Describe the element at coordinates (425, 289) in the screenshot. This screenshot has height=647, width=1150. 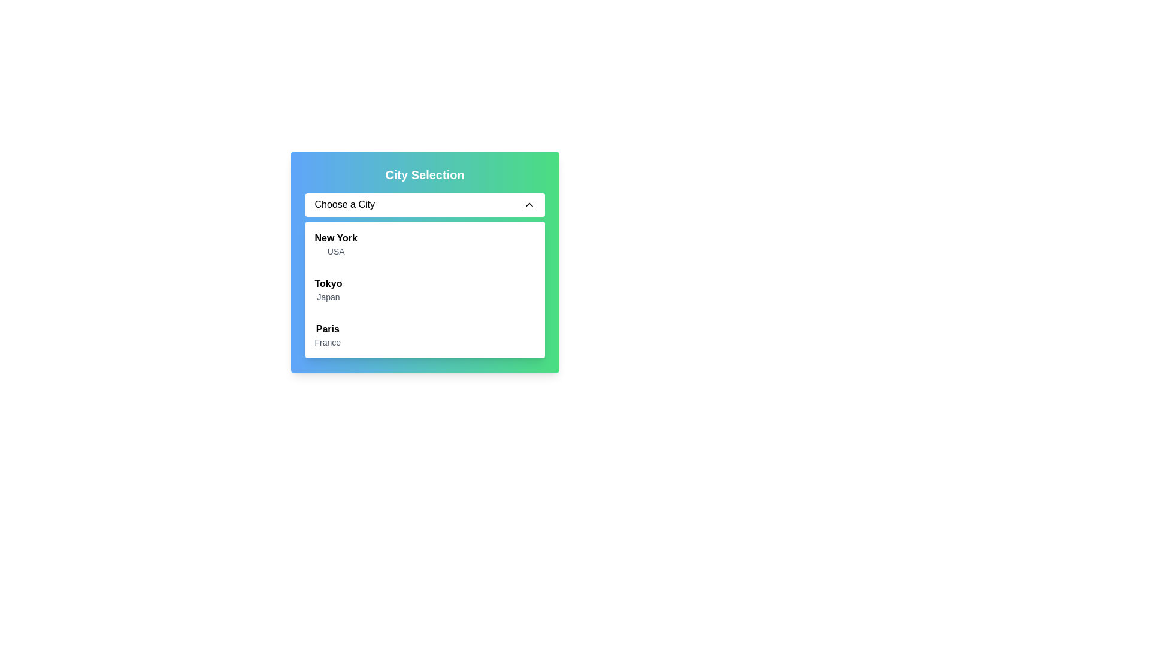
I see `the clickable list item representing the option to select 'Tokyo, Japan' from the dropdown menu` at that location.